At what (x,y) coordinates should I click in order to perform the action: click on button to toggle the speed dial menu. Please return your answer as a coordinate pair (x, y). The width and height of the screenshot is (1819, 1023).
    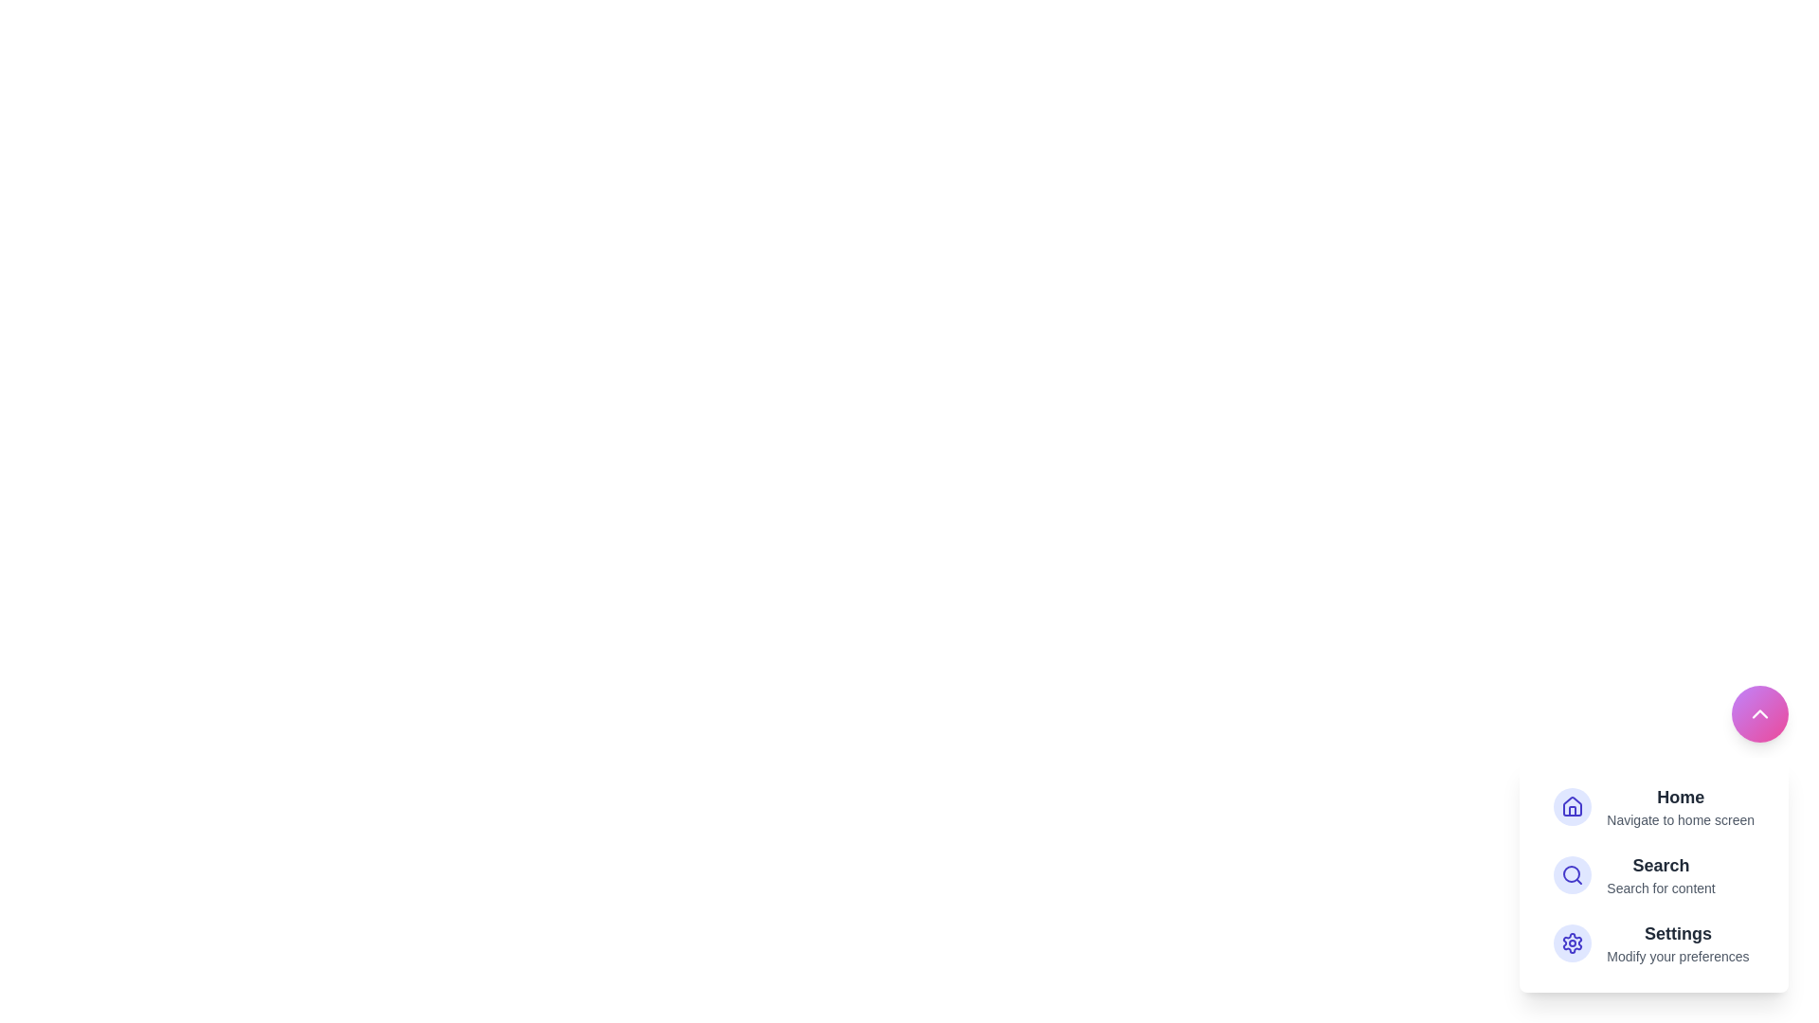
    Looking at the image, I should click on (1758, 713).